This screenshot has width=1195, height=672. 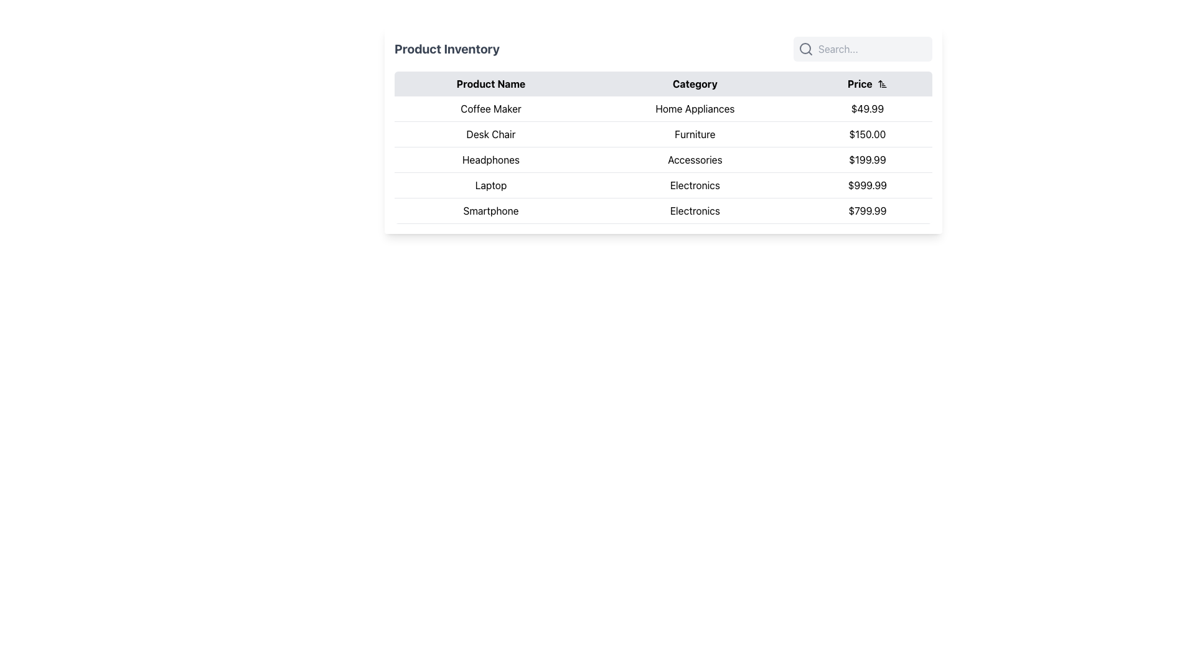 What do you see at coordinates (866, 159) in the screenshot?
I see `the price value element in the 'Price' column of the table, located on the same row as 'Headphones' in the 'Product Name' column and 'Accessories' in the 'Category' column` at bounding box center [866, 159].